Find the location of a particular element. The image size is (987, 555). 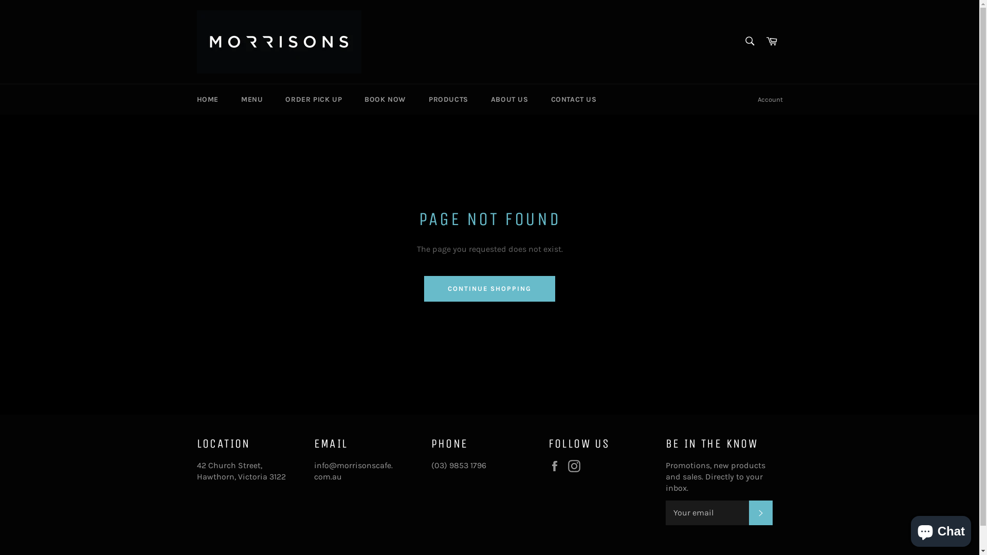

'ORDER PICK UP' is located at coordinates (313, 99).